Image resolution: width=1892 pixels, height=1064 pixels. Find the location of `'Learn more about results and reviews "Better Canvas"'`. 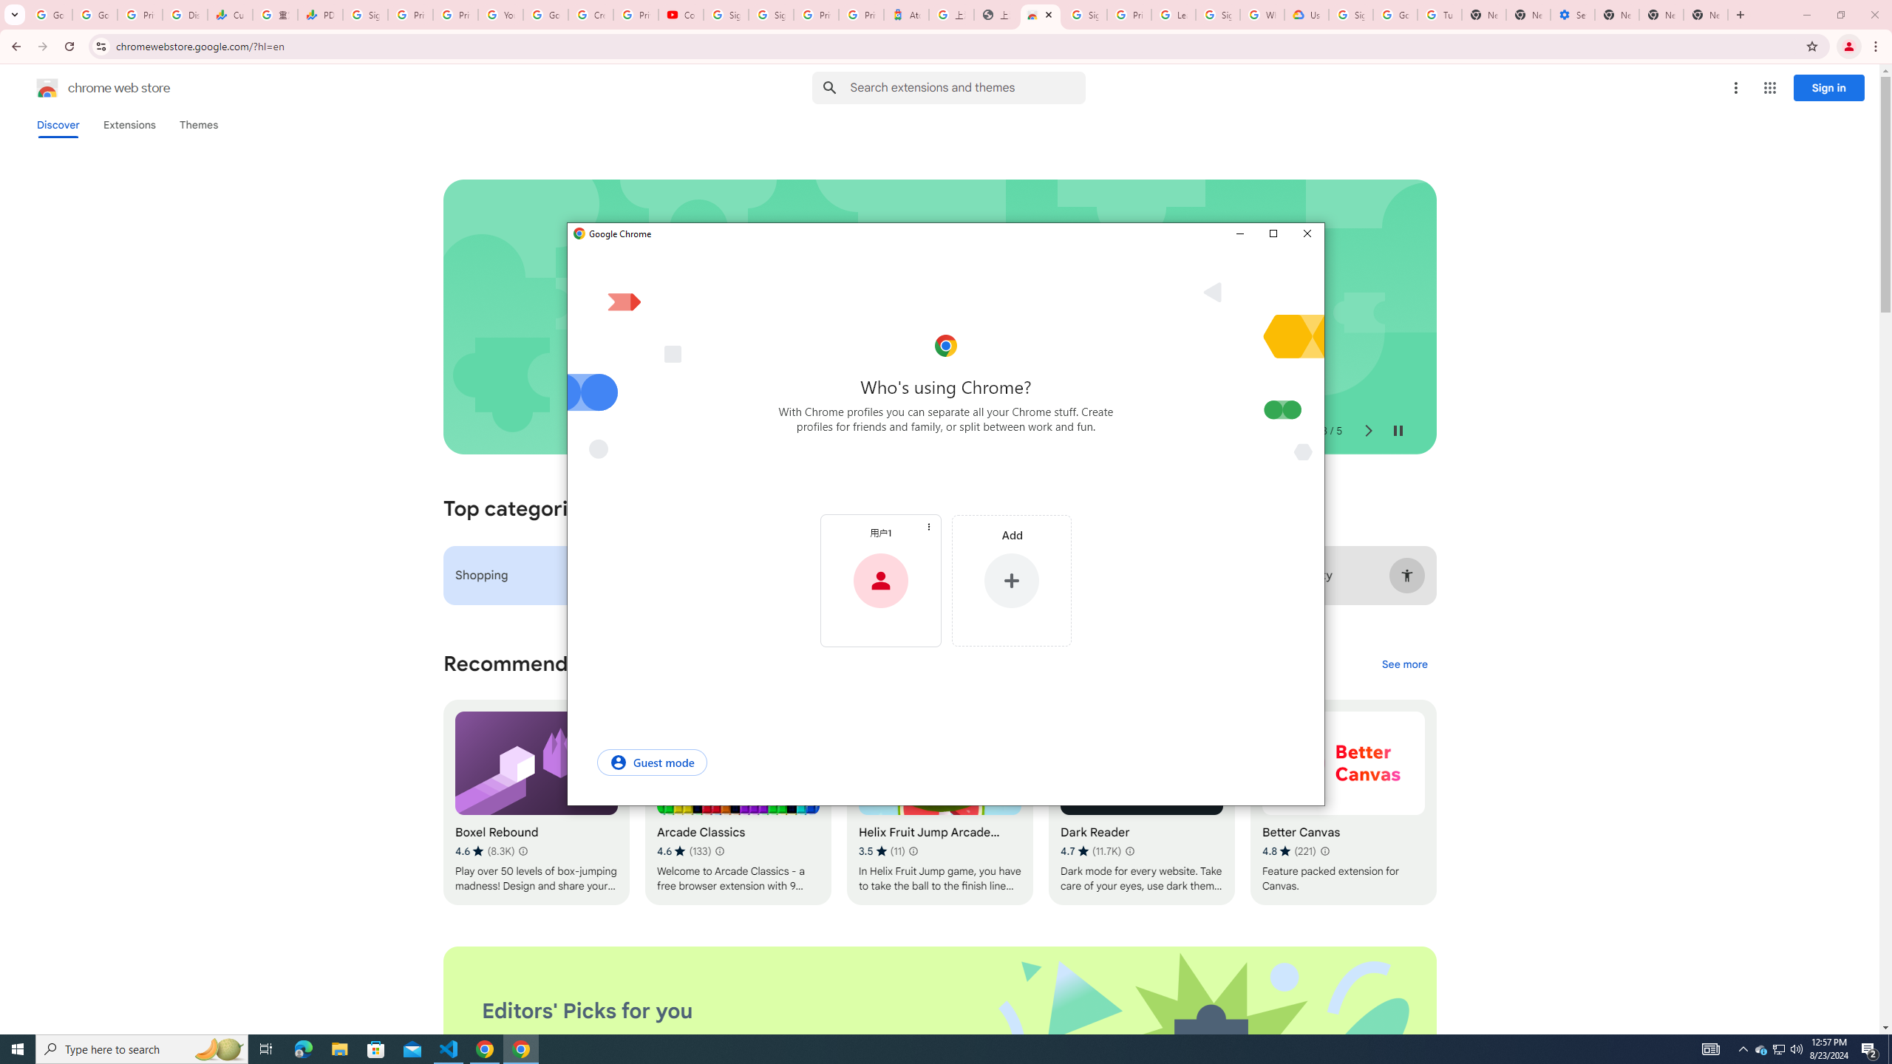

'Learn more about results and reviews "Better Canvas"' is located at coordinates (1324, 851).